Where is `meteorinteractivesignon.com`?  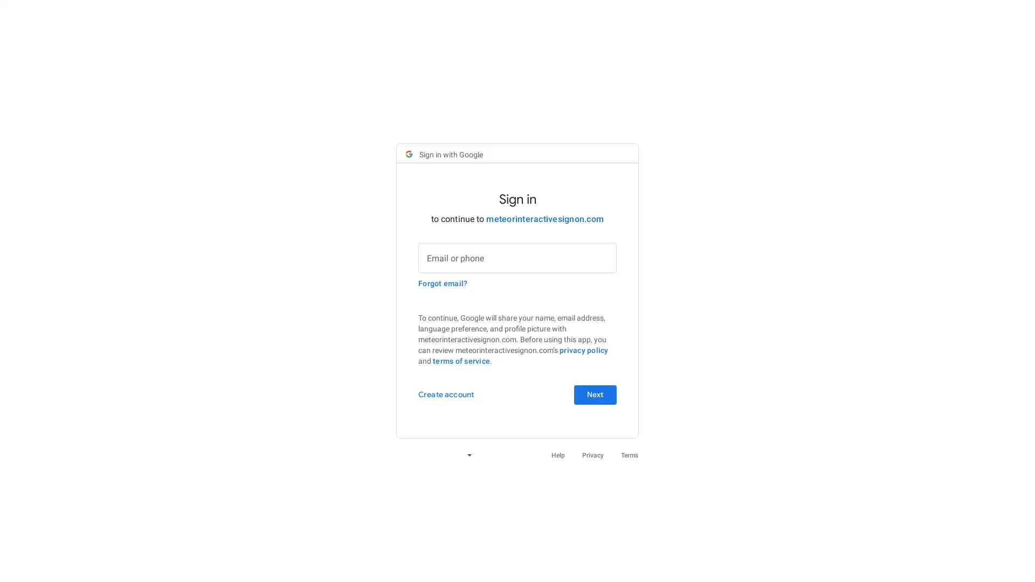 meteorinteractivesignon.com is located at coordinates (545, 218).